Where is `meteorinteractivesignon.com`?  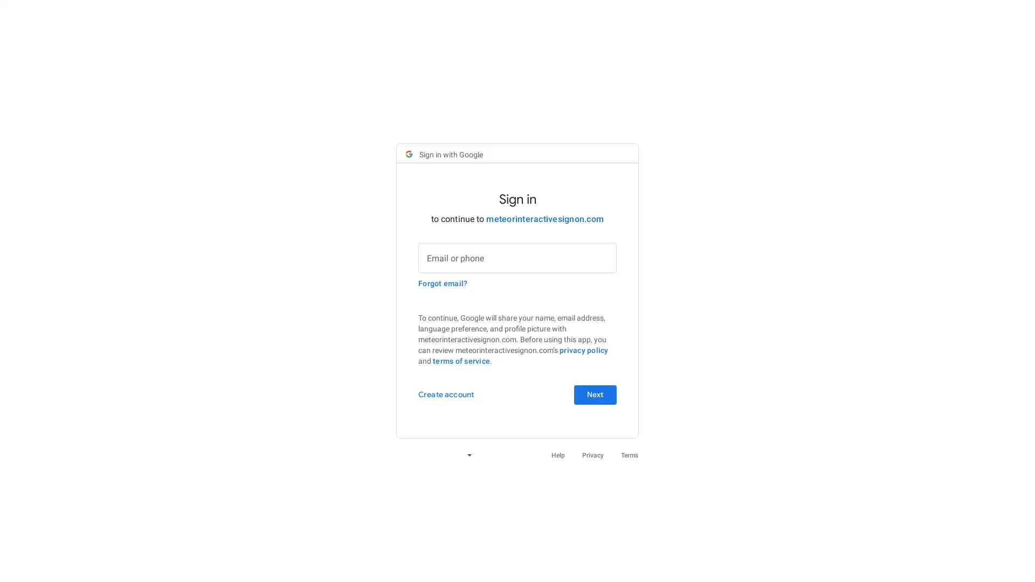 meteorinteractivesignon.com is located at coordinates (545, 218).